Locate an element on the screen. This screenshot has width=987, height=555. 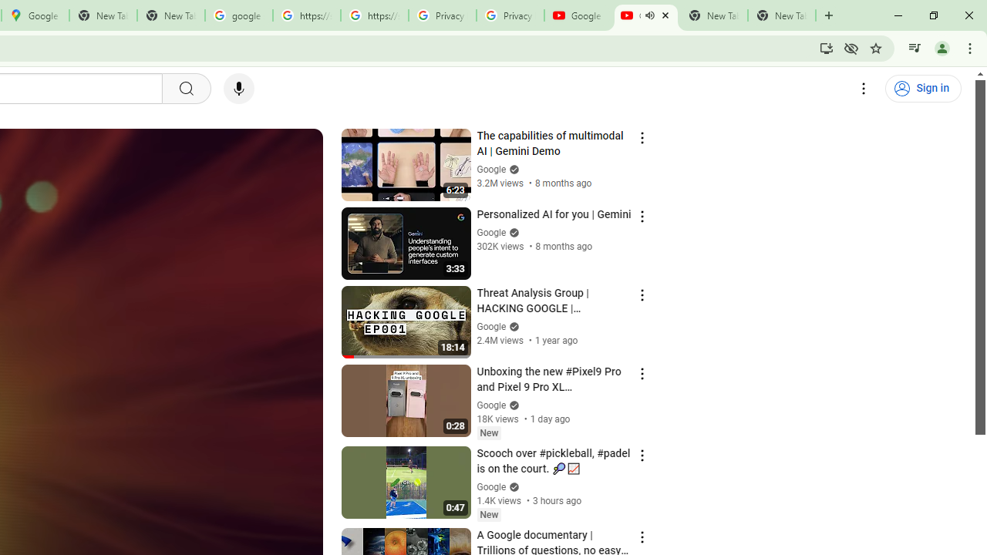
'Install YouTube' is located at coordinates (826, 47).